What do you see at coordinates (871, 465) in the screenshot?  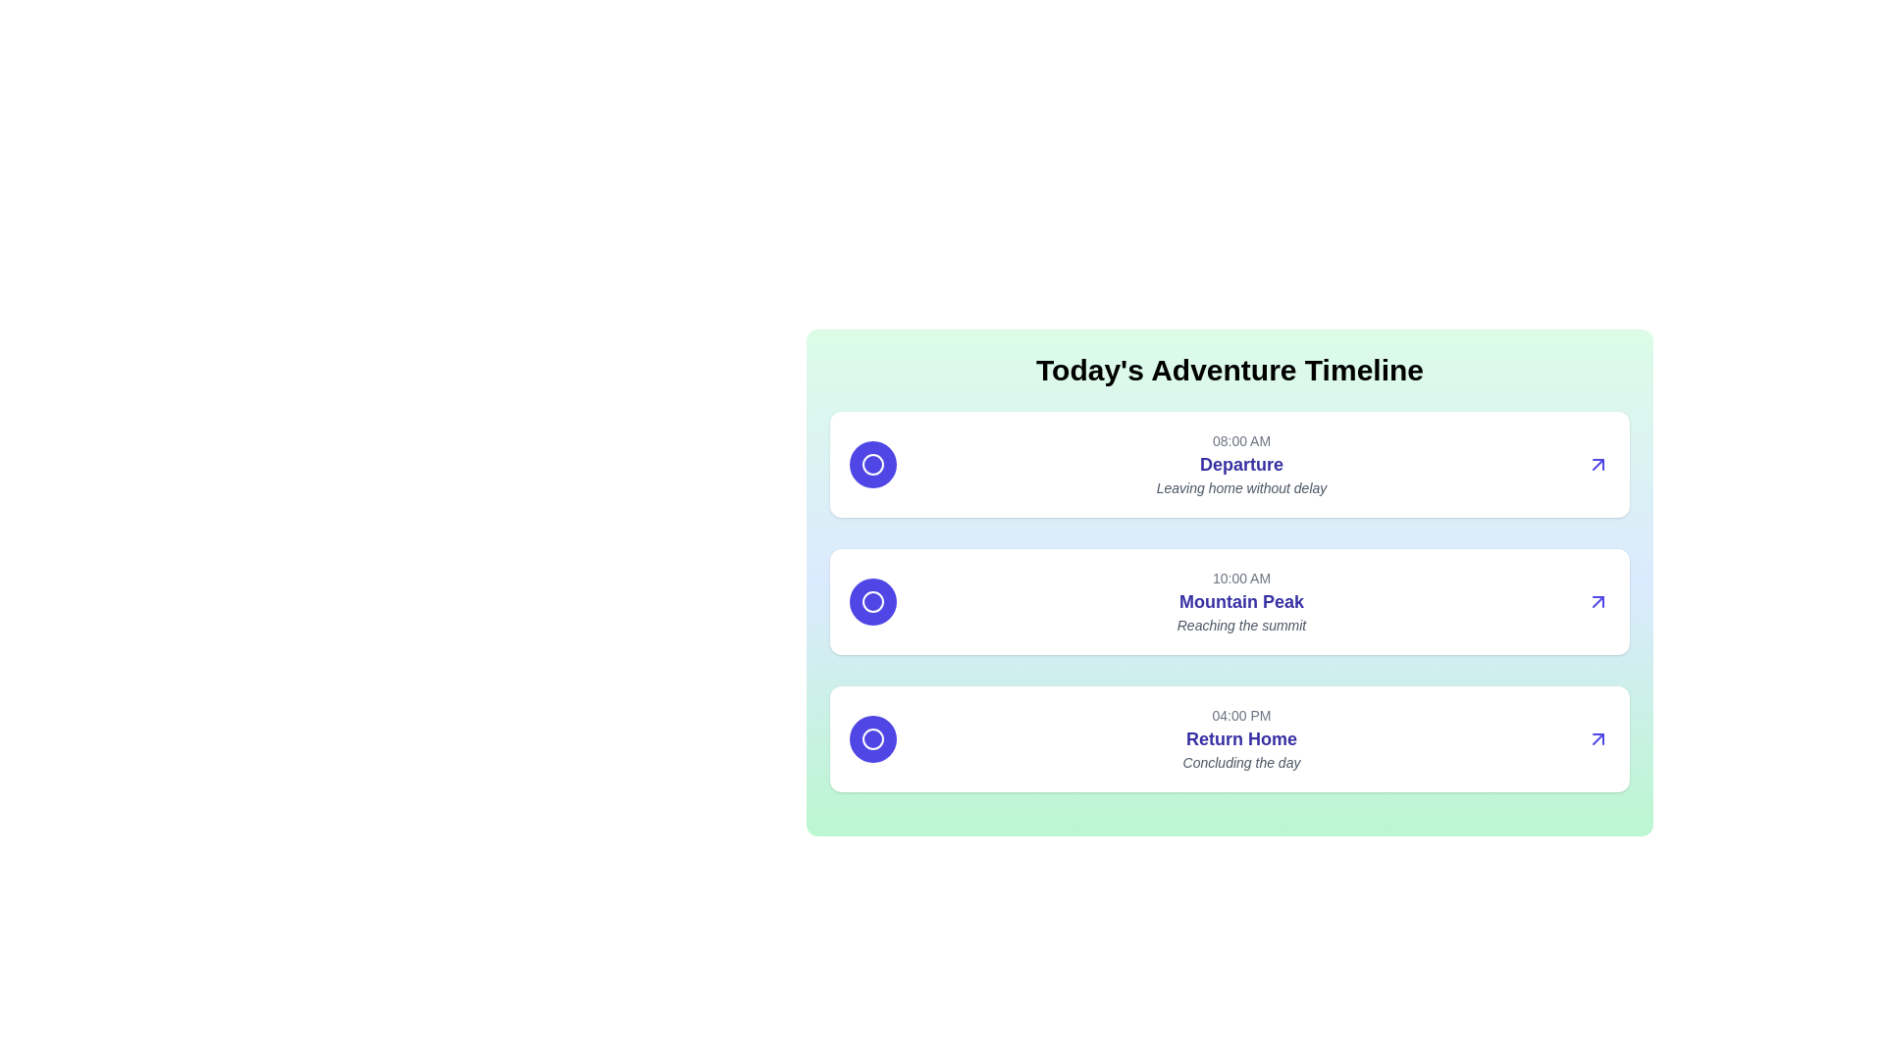 I see `the circular decorative icon that marks the timeline event for 'Departure', located to the left of the text '08:00 AM, Departure, Leaving home without delay'` at bounding box center [871, 465].